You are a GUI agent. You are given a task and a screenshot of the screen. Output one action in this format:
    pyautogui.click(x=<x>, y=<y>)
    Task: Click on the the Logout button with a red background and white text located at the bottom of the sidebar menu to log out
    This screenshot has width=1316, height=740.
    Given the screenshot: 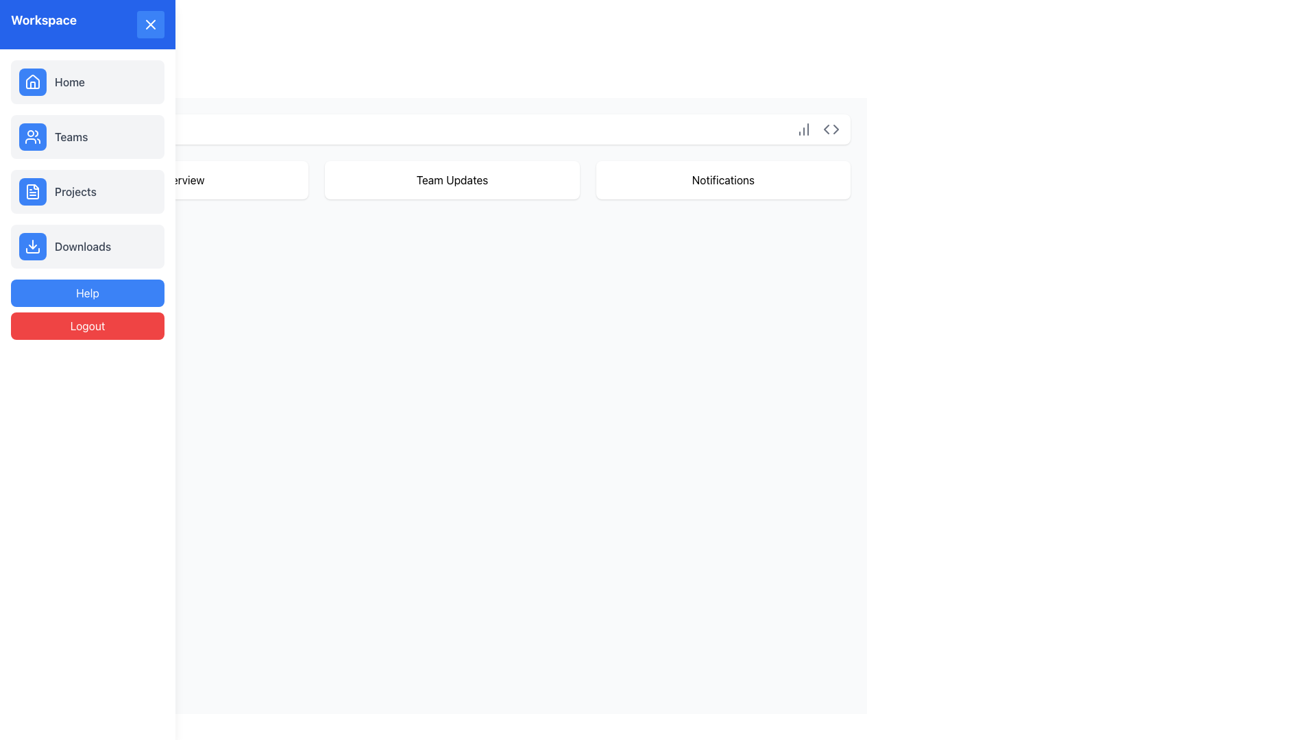 What is the action you would take?
    pyautogui.click(x=87, y=325)
    